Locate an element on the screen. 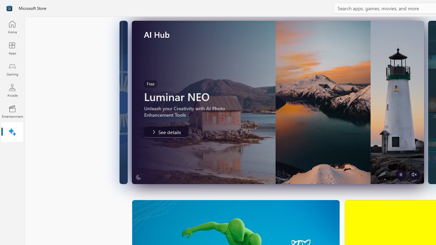 Image resolution: width=436 pixels, height=245 pixels. 'Unmute' is located at coordinates (414, 174).